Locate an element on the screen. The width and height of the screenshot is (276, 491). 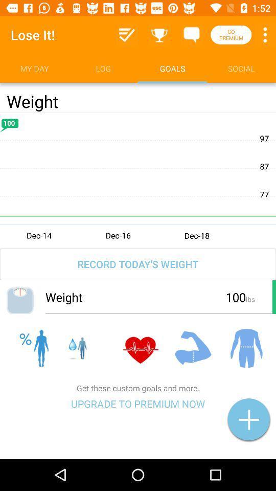
more menu options is located at coordinates (265, 35).